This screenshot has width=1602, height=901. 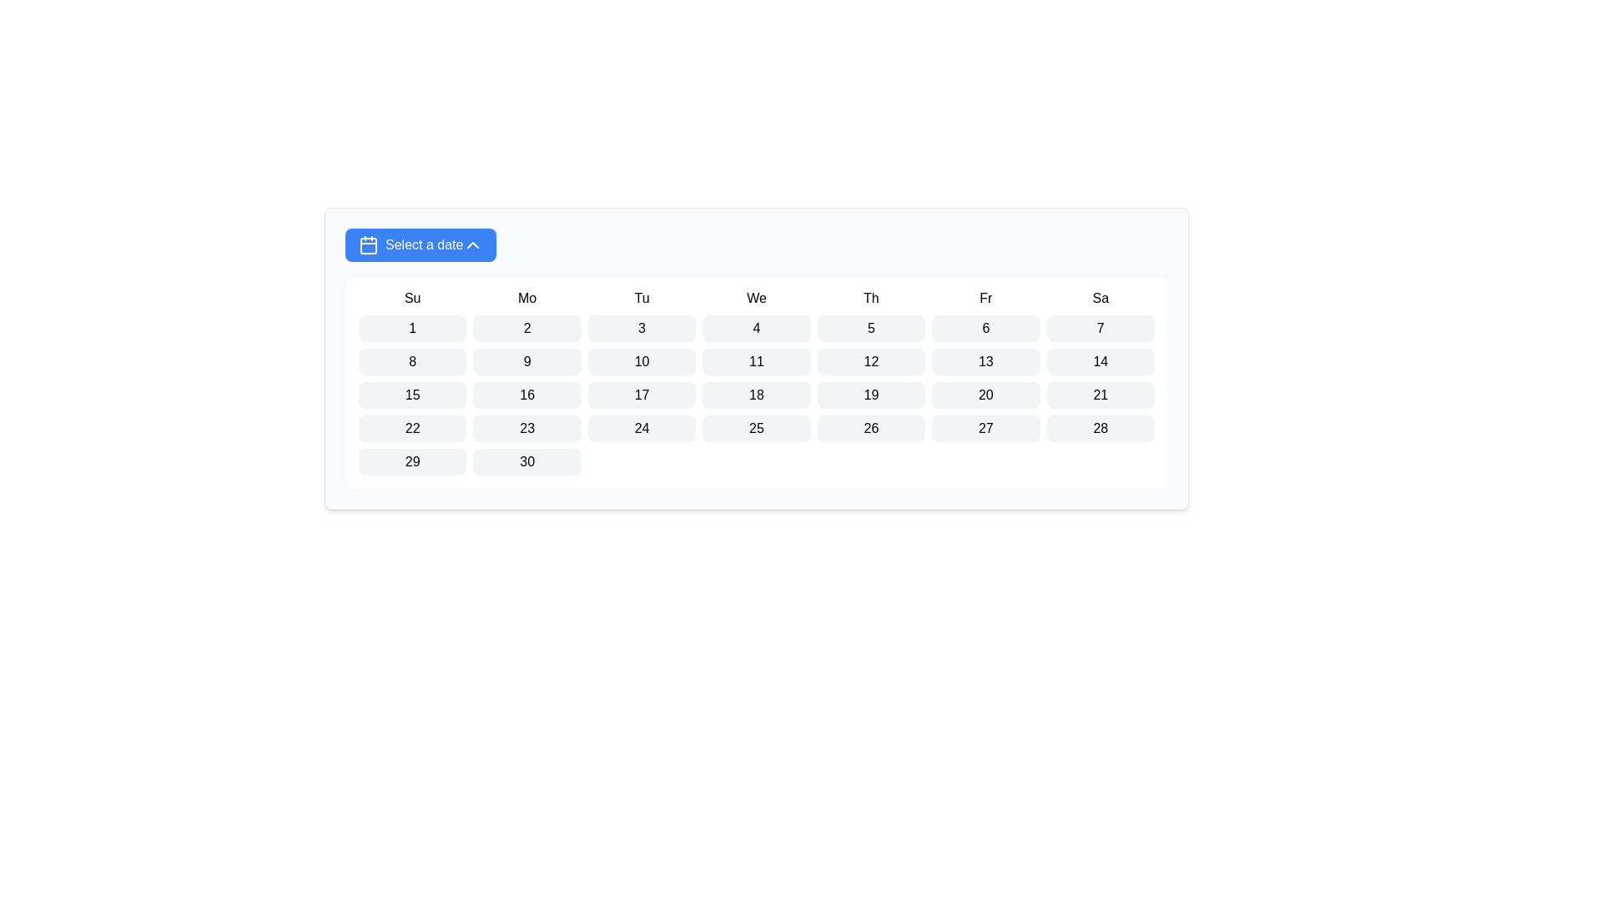 I want to click on the selectable day button in the calendar view located under the 'We' column header, specifically the fourth button in the grid, so click(x=756, y=328).